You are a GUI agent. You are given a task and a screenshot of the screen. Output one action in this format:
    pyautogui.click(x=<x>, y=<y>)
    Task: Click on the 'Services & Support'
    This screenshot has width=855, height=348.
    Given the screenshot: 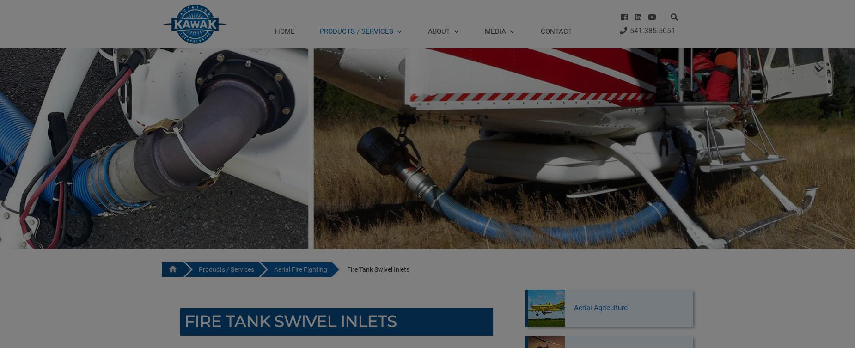 What is the action you would take?
    pyautogui.click(x=346, y=171)
    